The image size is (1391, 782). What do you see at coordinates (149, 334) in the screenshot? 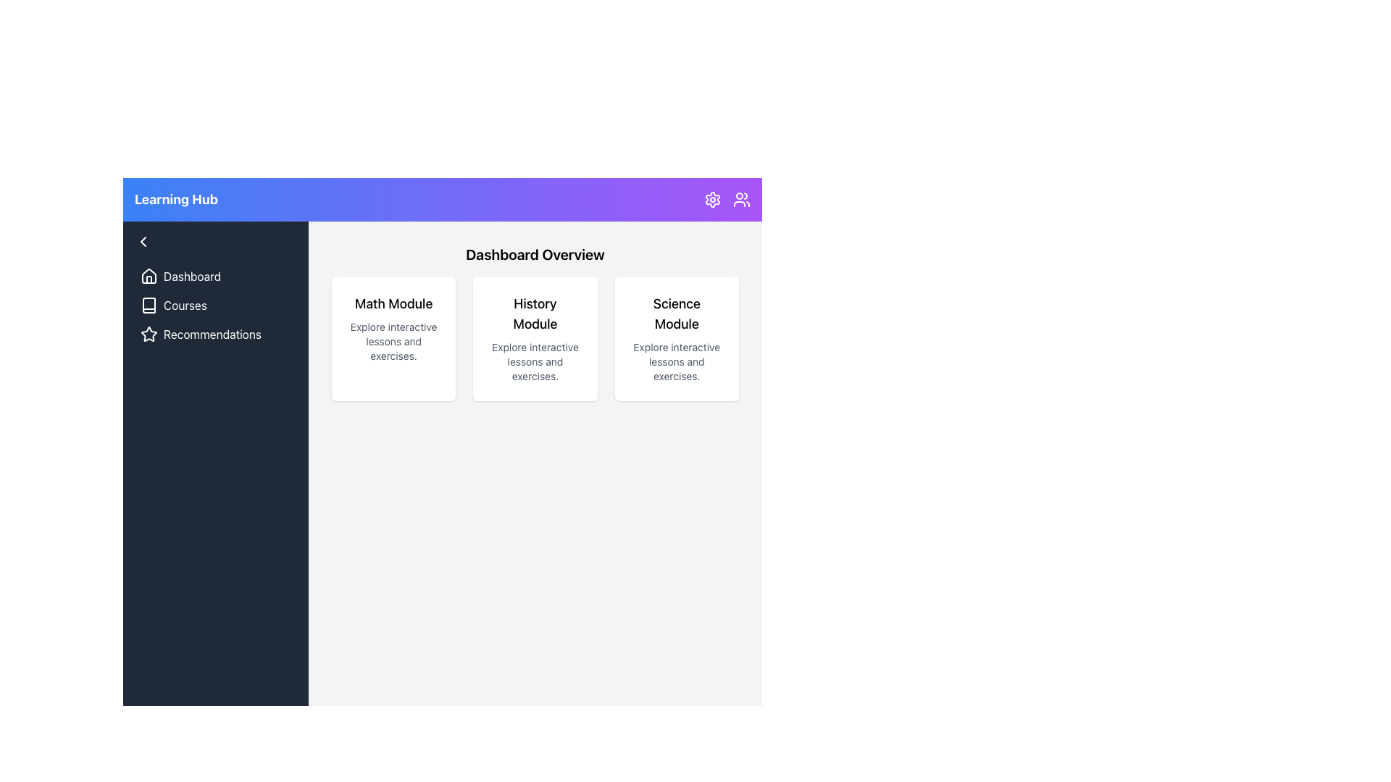
I see `the star icon in the left-side navigation menu that represents 'Recommendations'` at bounding box center [149, 334].